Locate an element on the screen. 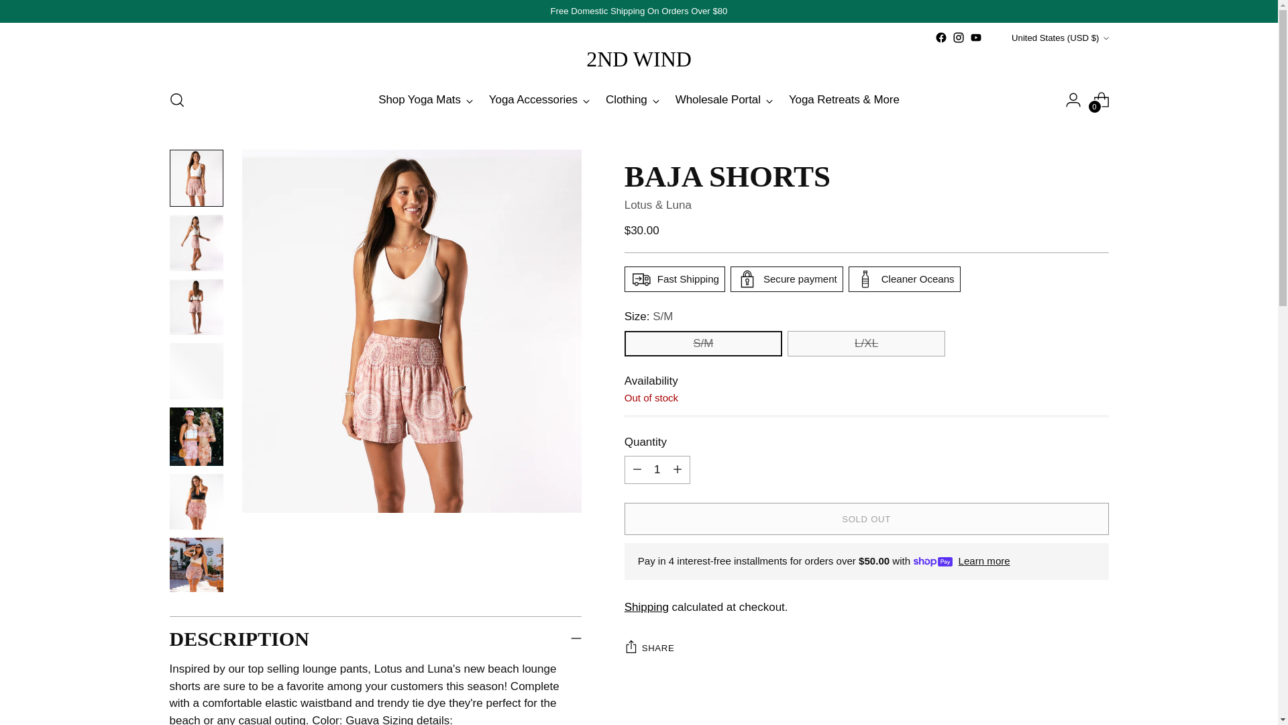 This screenshot has width=1288, height=725. 'Lotus & Luna' is located at coordinates (657, 205).